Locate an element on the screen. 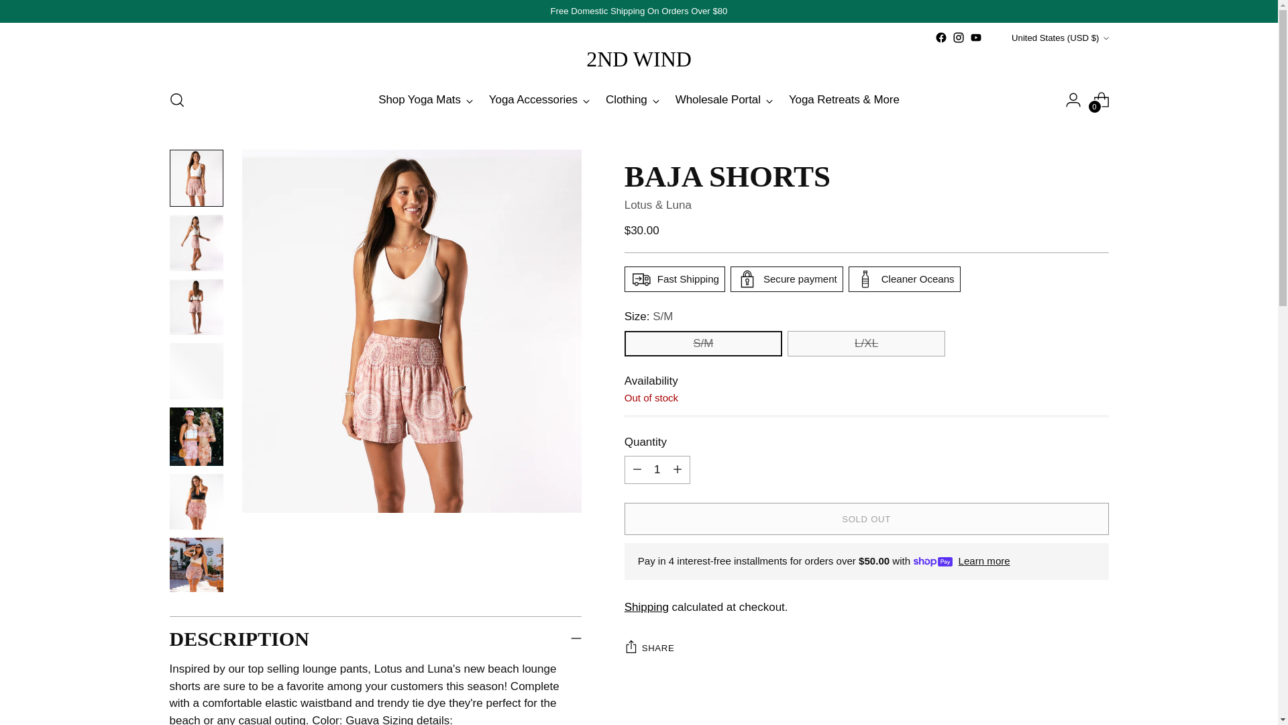 This screenshot has width=1288, height=725. 'Lotus & Luna' is located at coordinates (657, 205).